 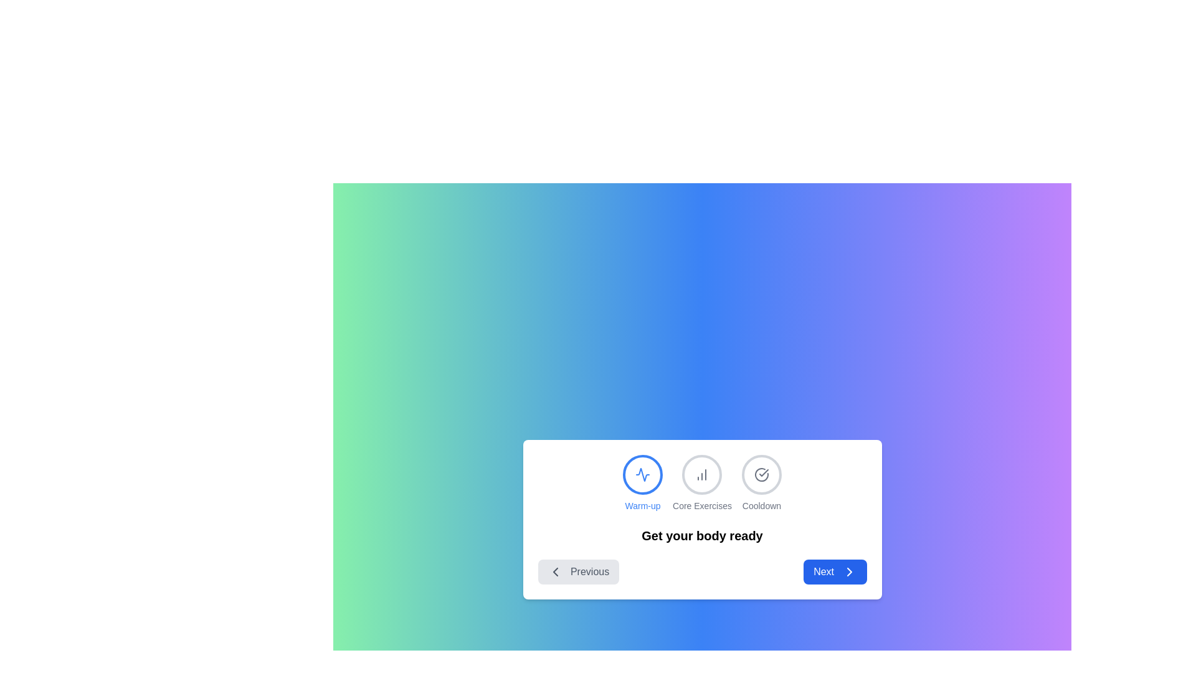 What do you see at coordinates (761, 474) in the screenshot?
I see `the icon representing the step Cooldown to view its details` at bounding box center [761, 474].